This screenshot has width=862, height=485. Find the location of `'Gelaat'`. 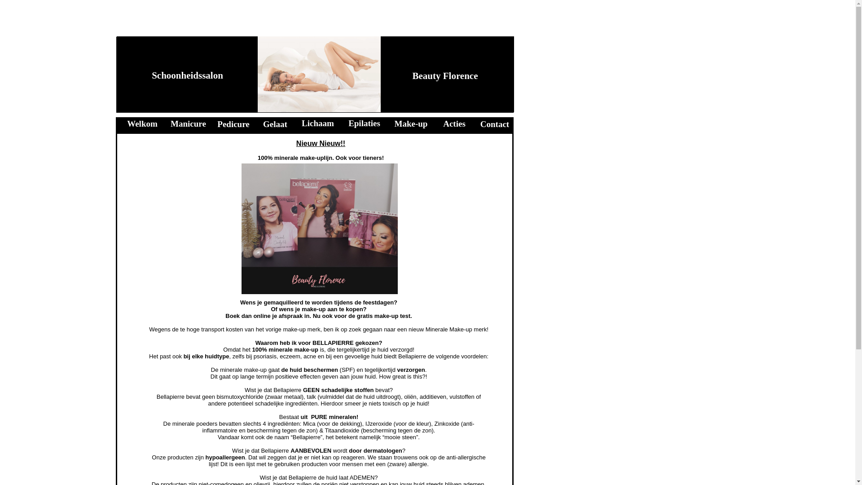

'Gelaat' is located at coordinates (275, 124).